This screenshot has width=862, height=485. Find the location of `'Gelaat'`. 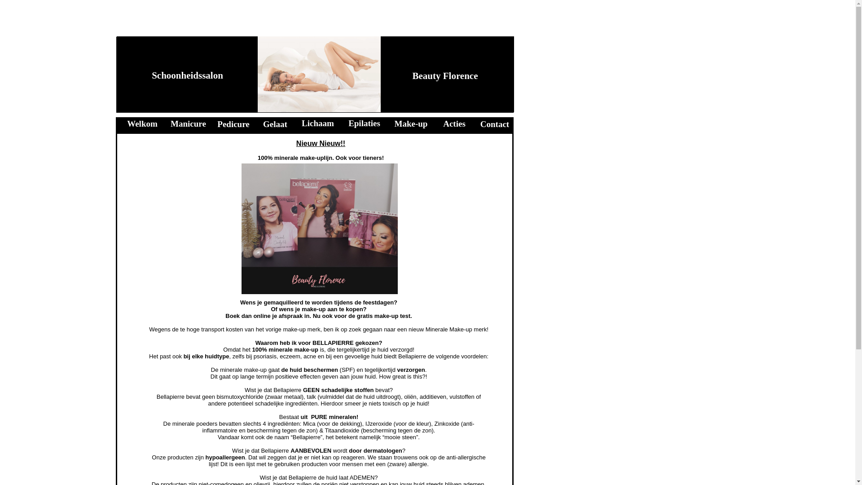

'Gelaat' is located at coordinates (275, 124).